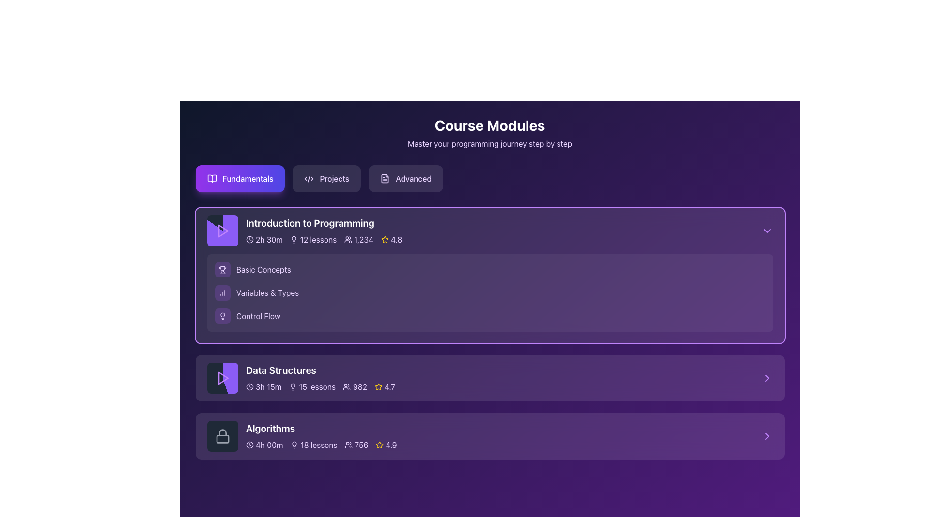 This screenshot has height=523, width=930. I want to click on the achievement icon button located to the left of the 'Basic Concepts' text in the 'Introduction to Programming' section, so click(222, 269).